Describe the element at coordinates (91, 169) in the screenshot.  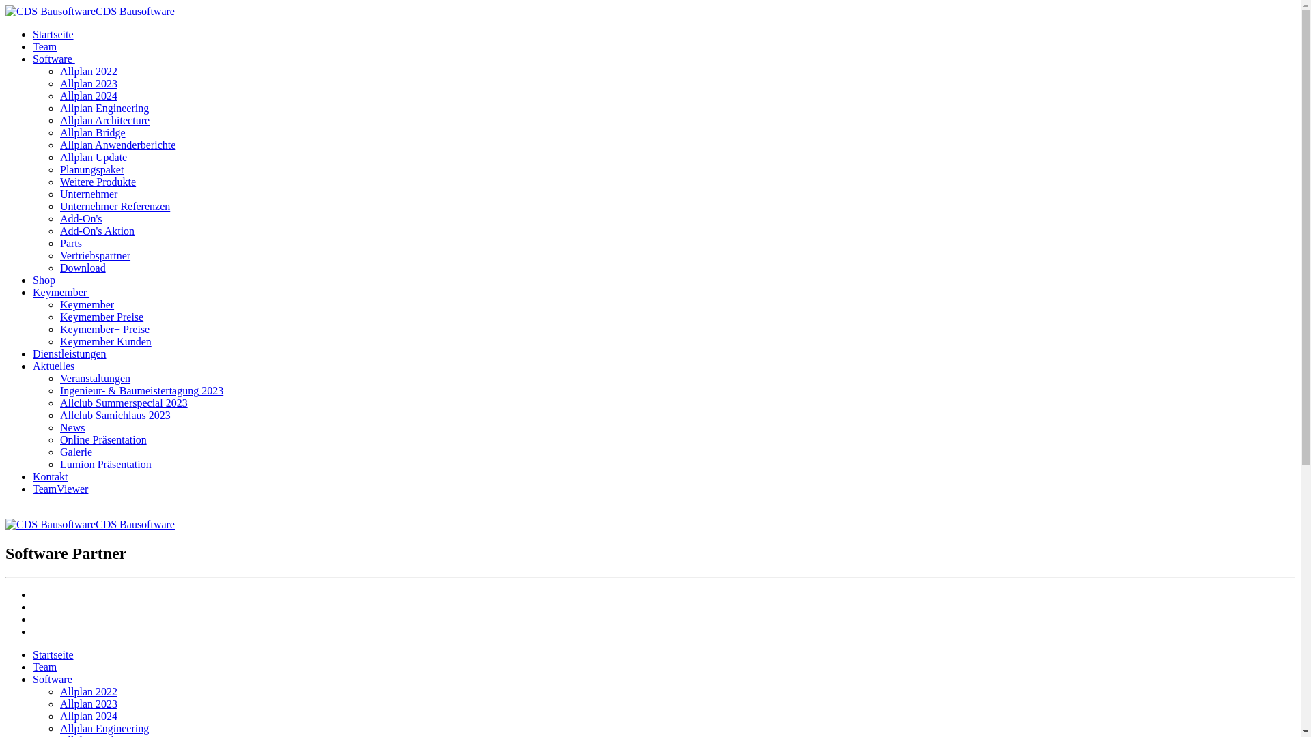
I see `'Planungspaket'` at that location.